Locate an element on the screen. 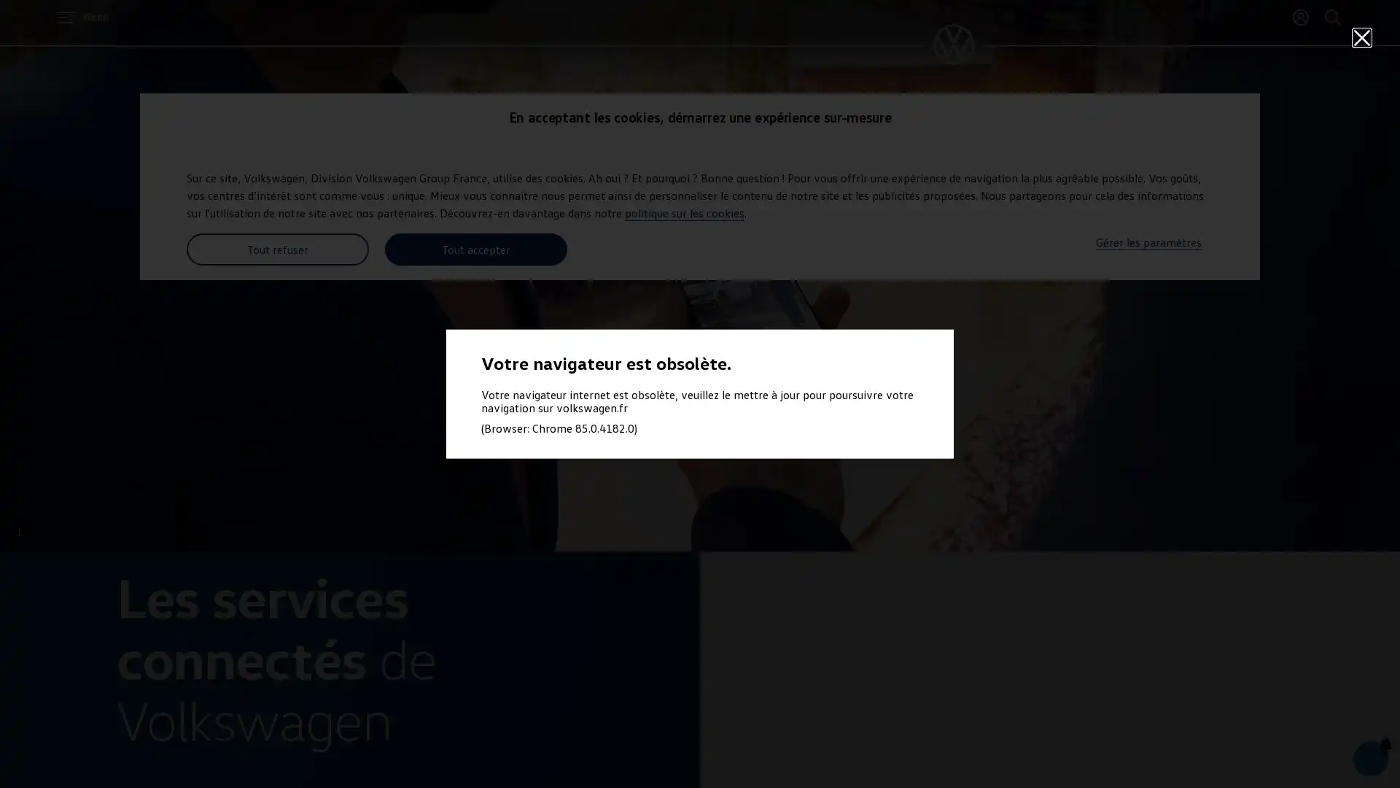 The image size is (1400, 788). Tout refuser is located at coordinates (277, 249).